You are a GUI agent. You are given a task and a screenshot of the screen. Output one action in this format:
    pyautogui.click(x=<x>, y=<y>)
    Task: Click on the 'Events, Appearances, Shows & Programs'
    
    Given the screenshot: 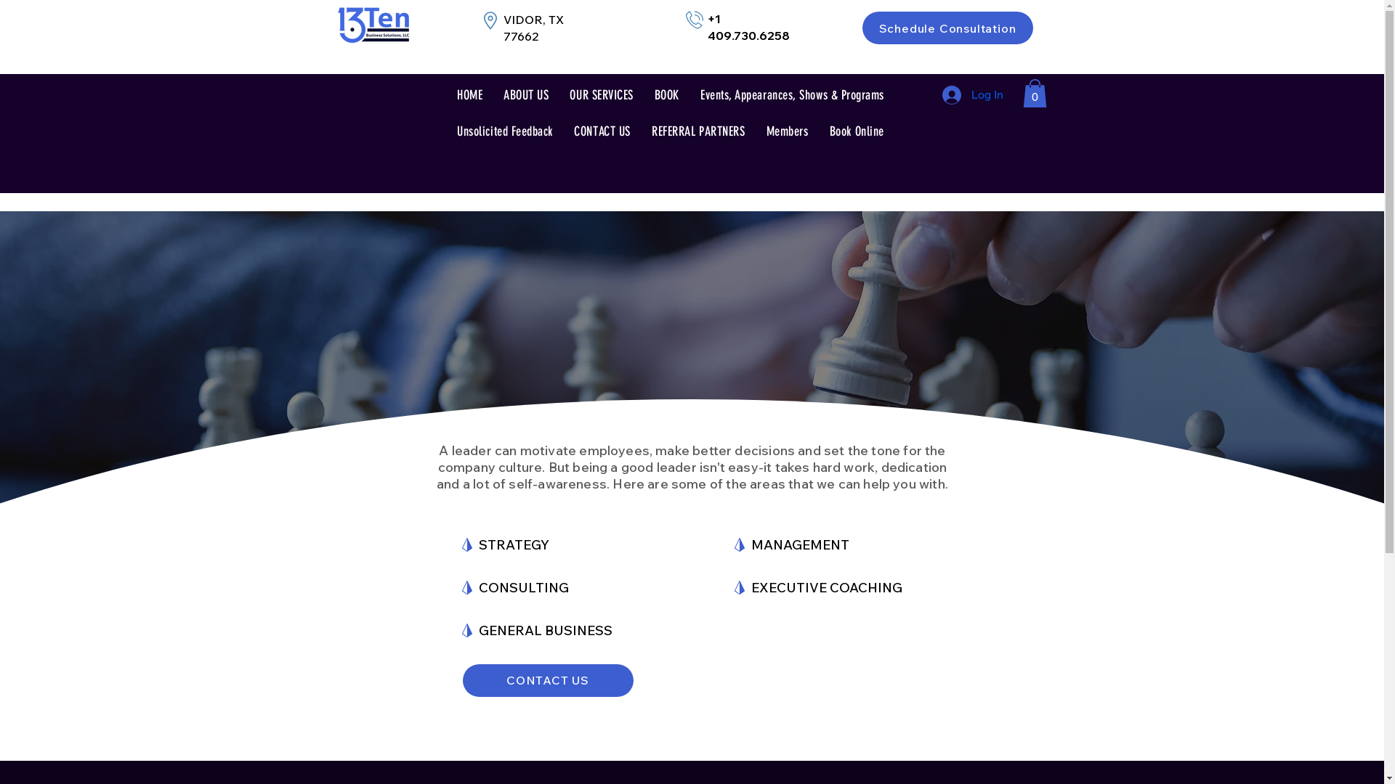 What is the action you would take?
    pyautogui.click(x=791, y=95)
    